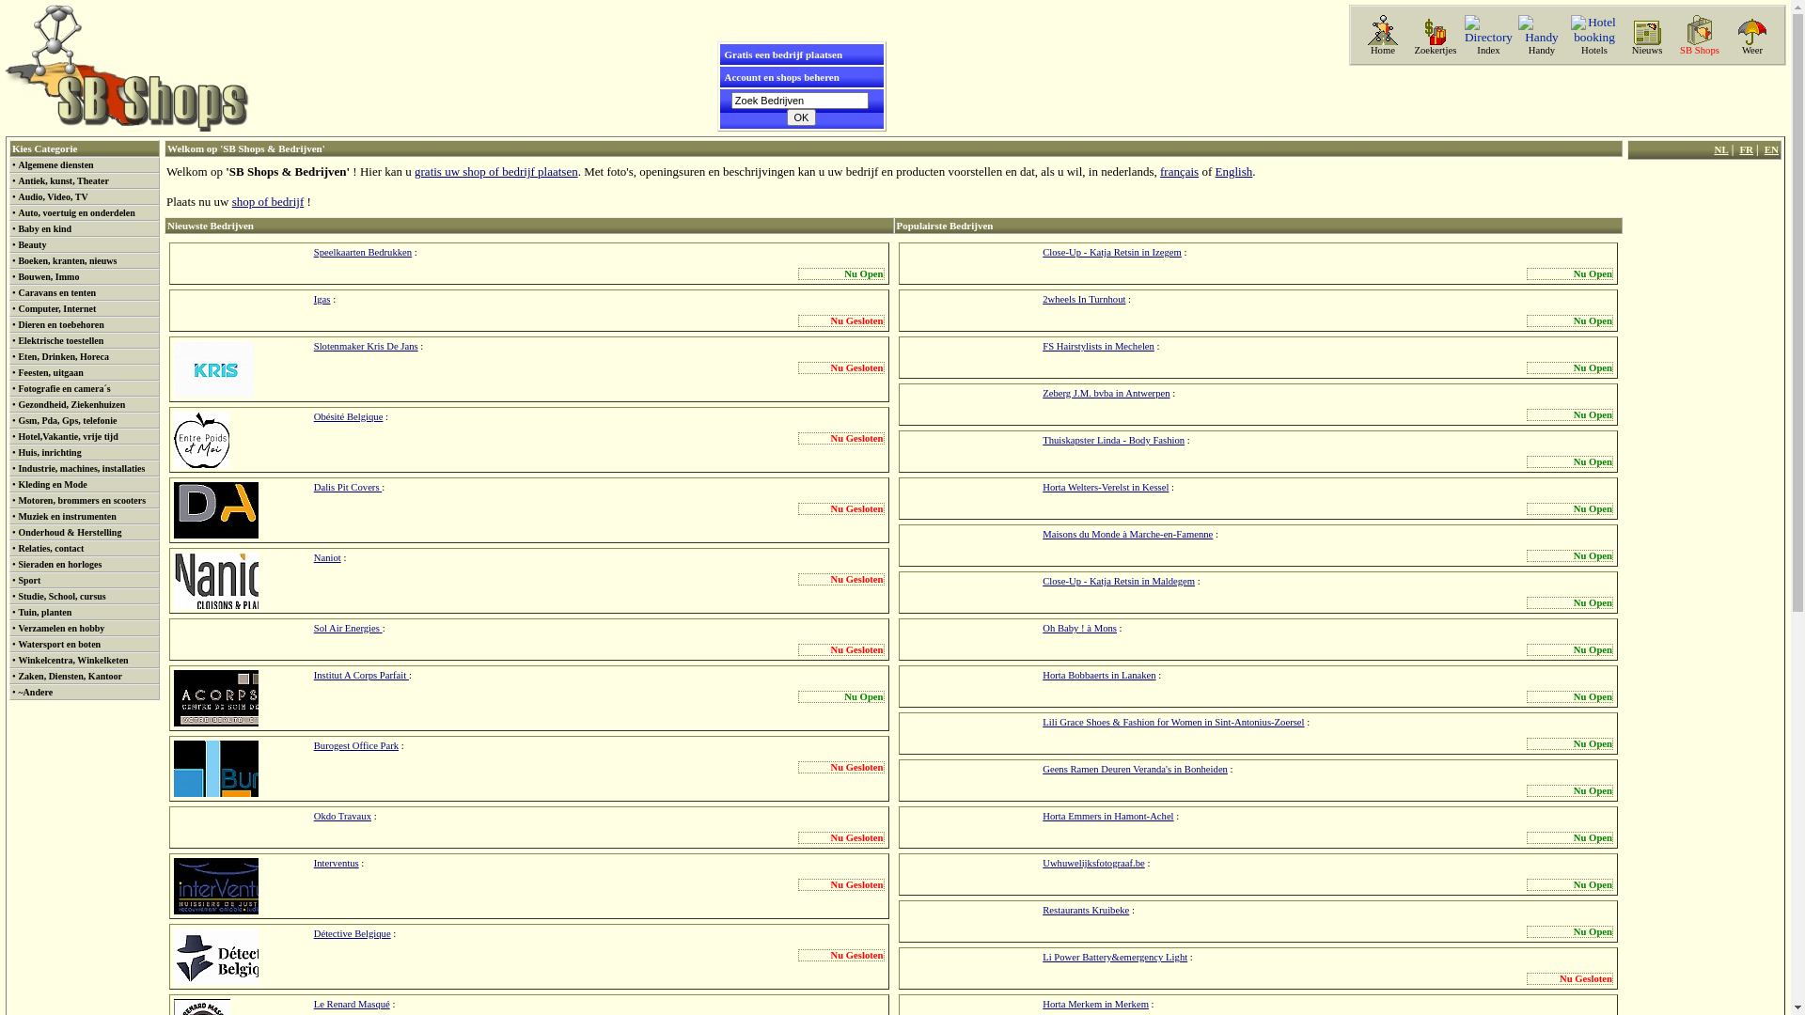  Describe the element at coordinates (1232, 171) in the screenshot. I see `'English'` at that location.